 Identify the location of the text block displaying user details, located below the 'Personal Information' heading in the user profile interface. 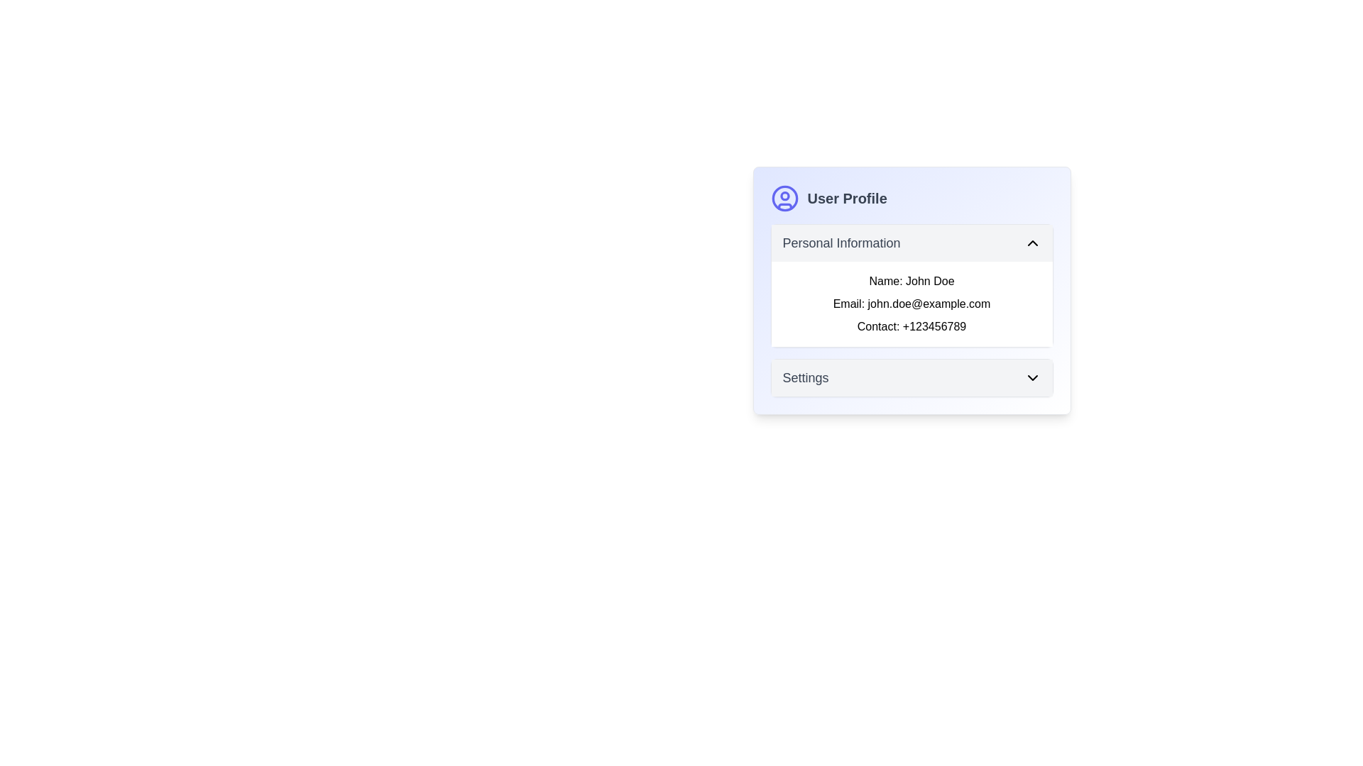
(912, 303).